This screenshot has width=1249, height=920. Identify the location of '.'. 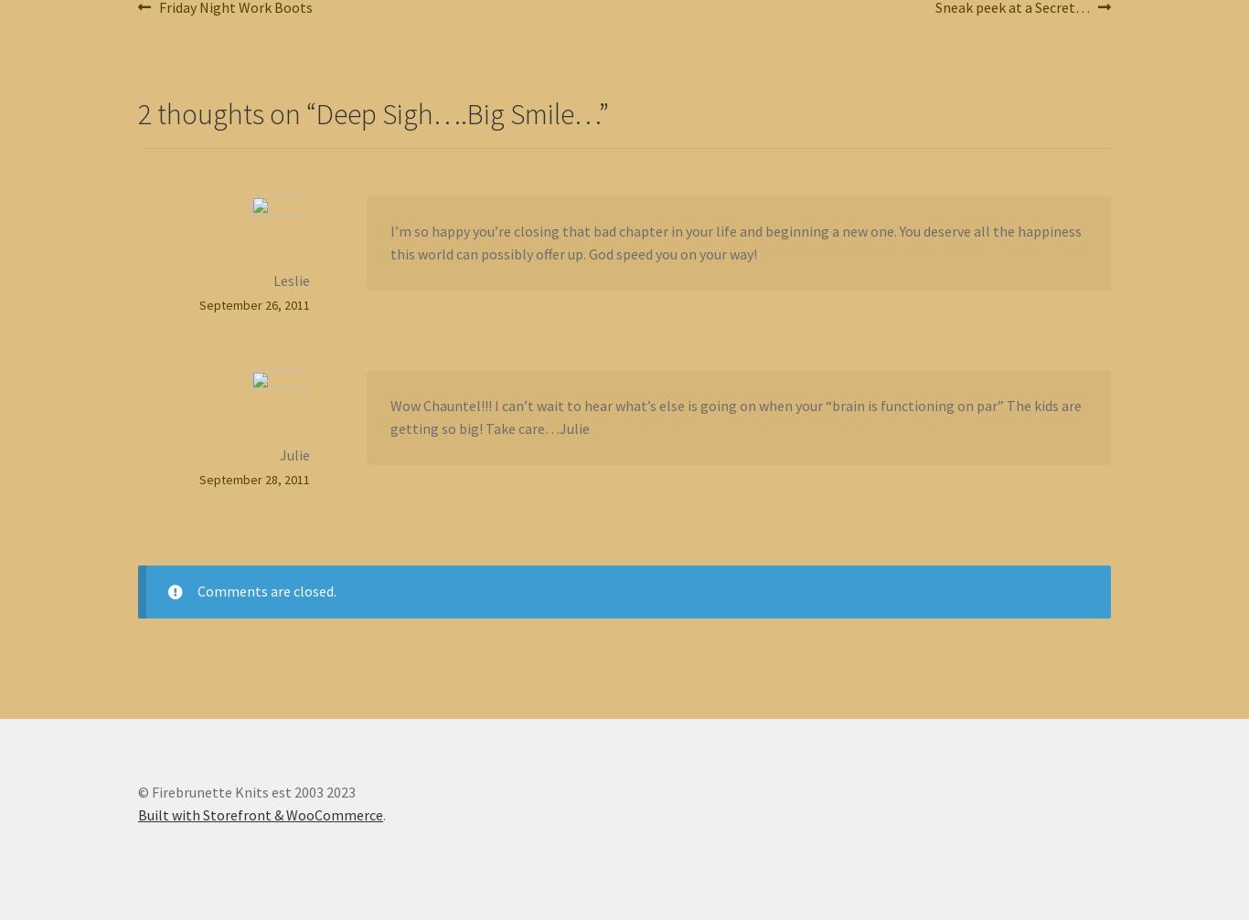
(383, 814).